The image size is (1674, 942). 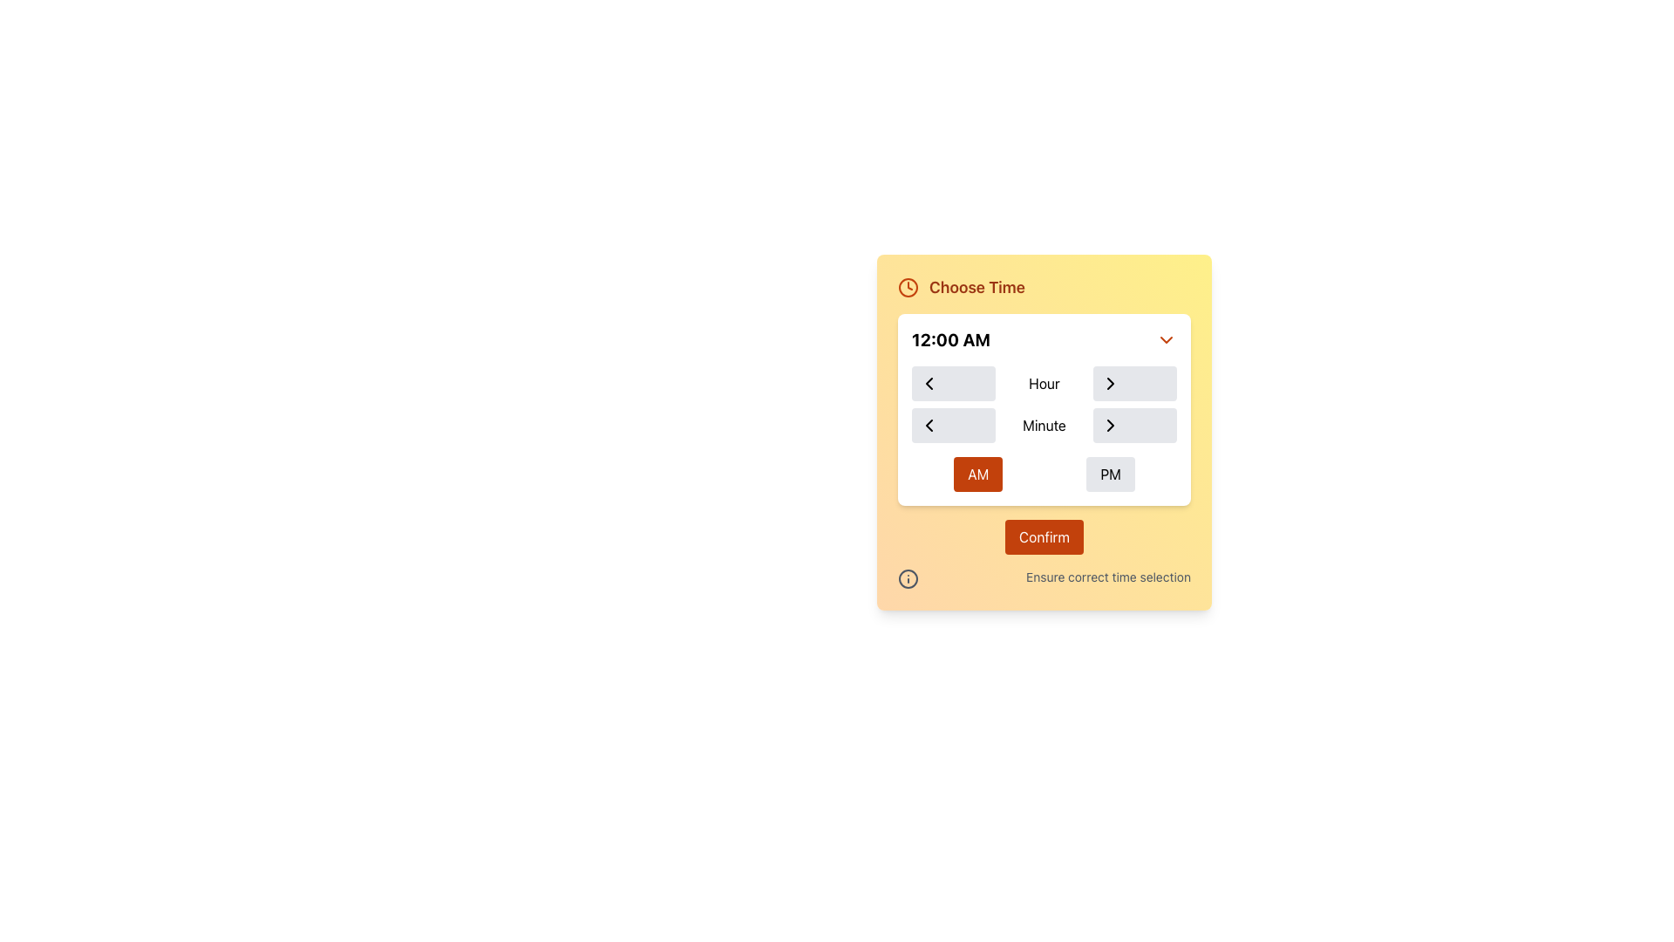 I want to click on the 'AM' button, which is a rectangular button with white text on an orange rounded background, located within the 'Choose Time' interface, so click(x=978, y=474).